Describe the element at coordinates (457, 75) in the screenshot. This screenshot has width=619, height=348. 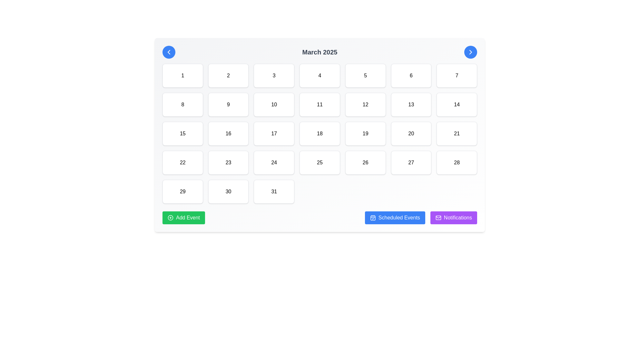
I see `the static text element displaying the digit '7', which is part of the calendar grid for March 2025` at that location.